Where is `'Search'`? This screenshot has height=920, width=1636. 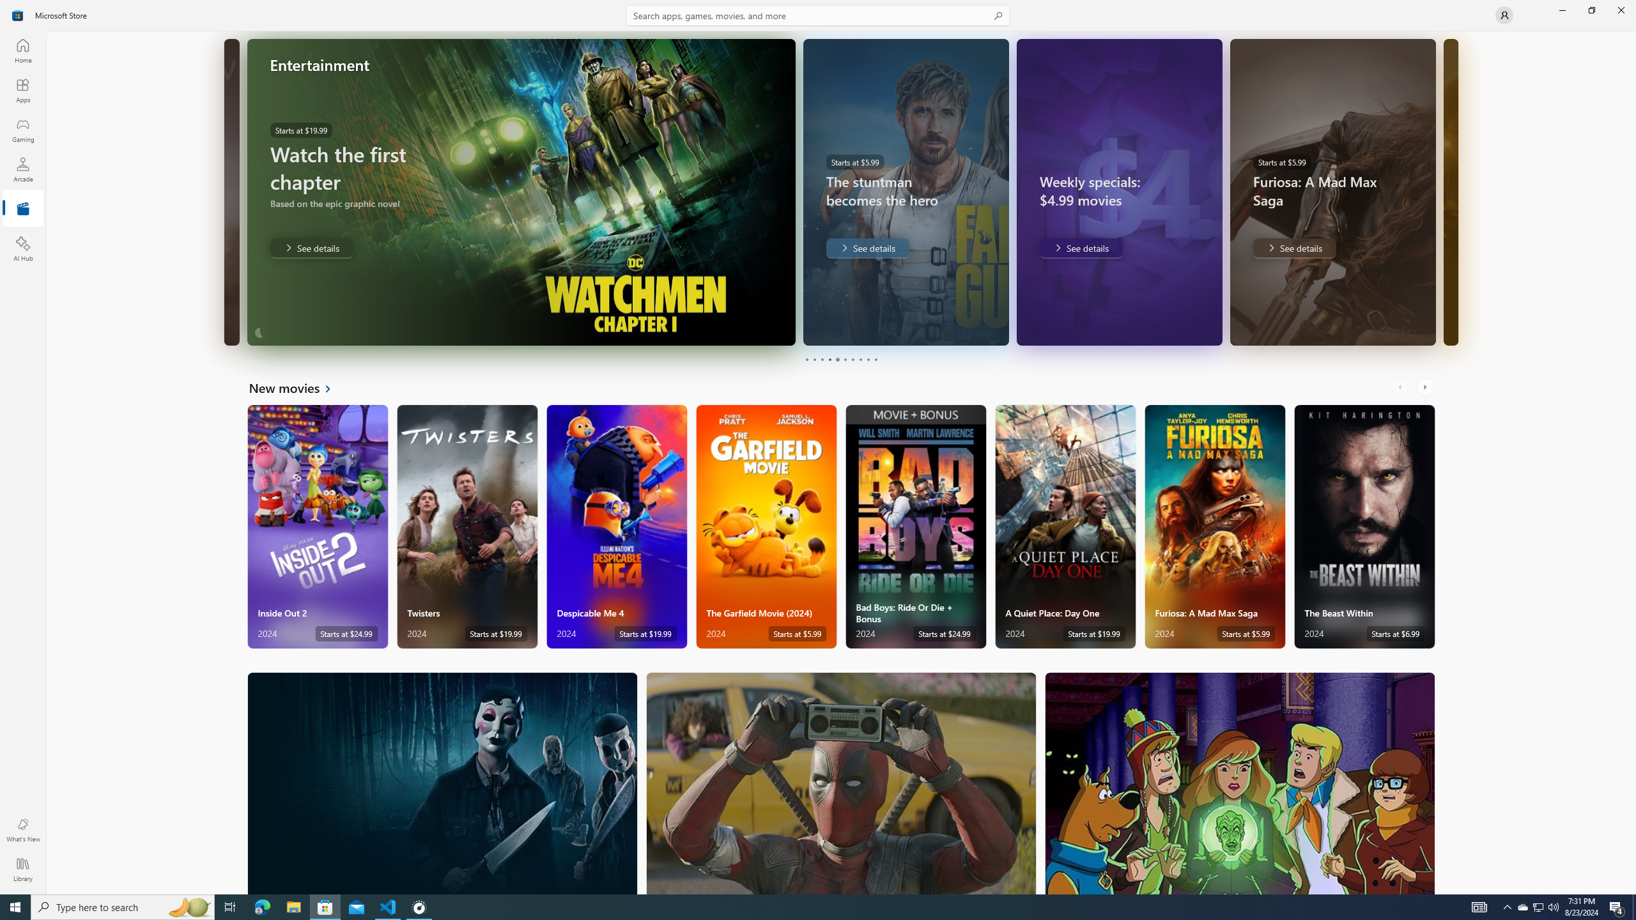
'Search' is located at coordinates (818, 15).